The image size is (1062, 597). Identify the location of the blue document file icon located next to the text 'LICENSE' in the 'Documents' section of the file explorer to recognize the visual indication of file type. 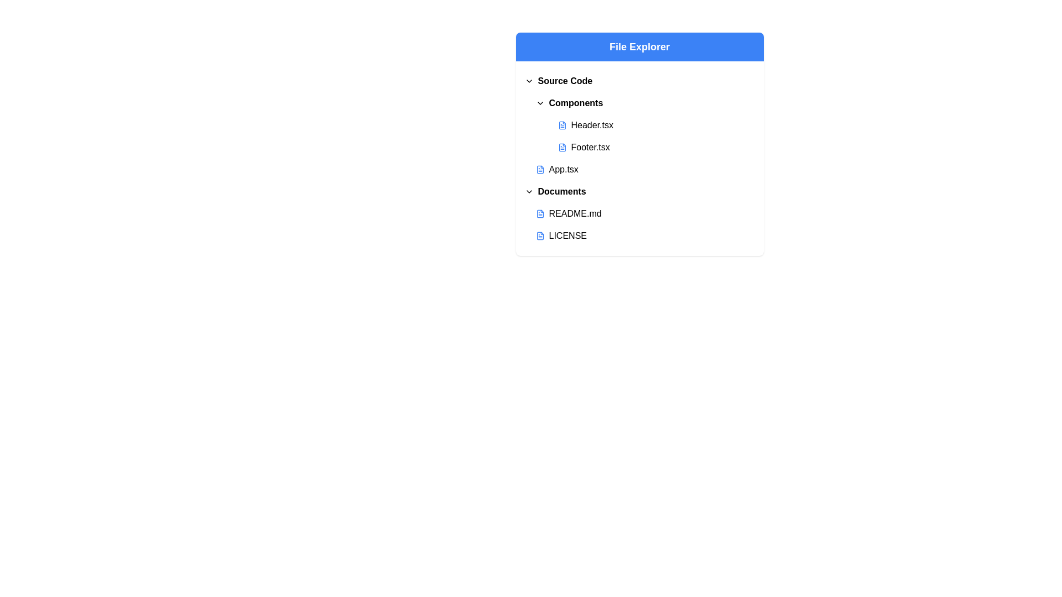
(540, 235).